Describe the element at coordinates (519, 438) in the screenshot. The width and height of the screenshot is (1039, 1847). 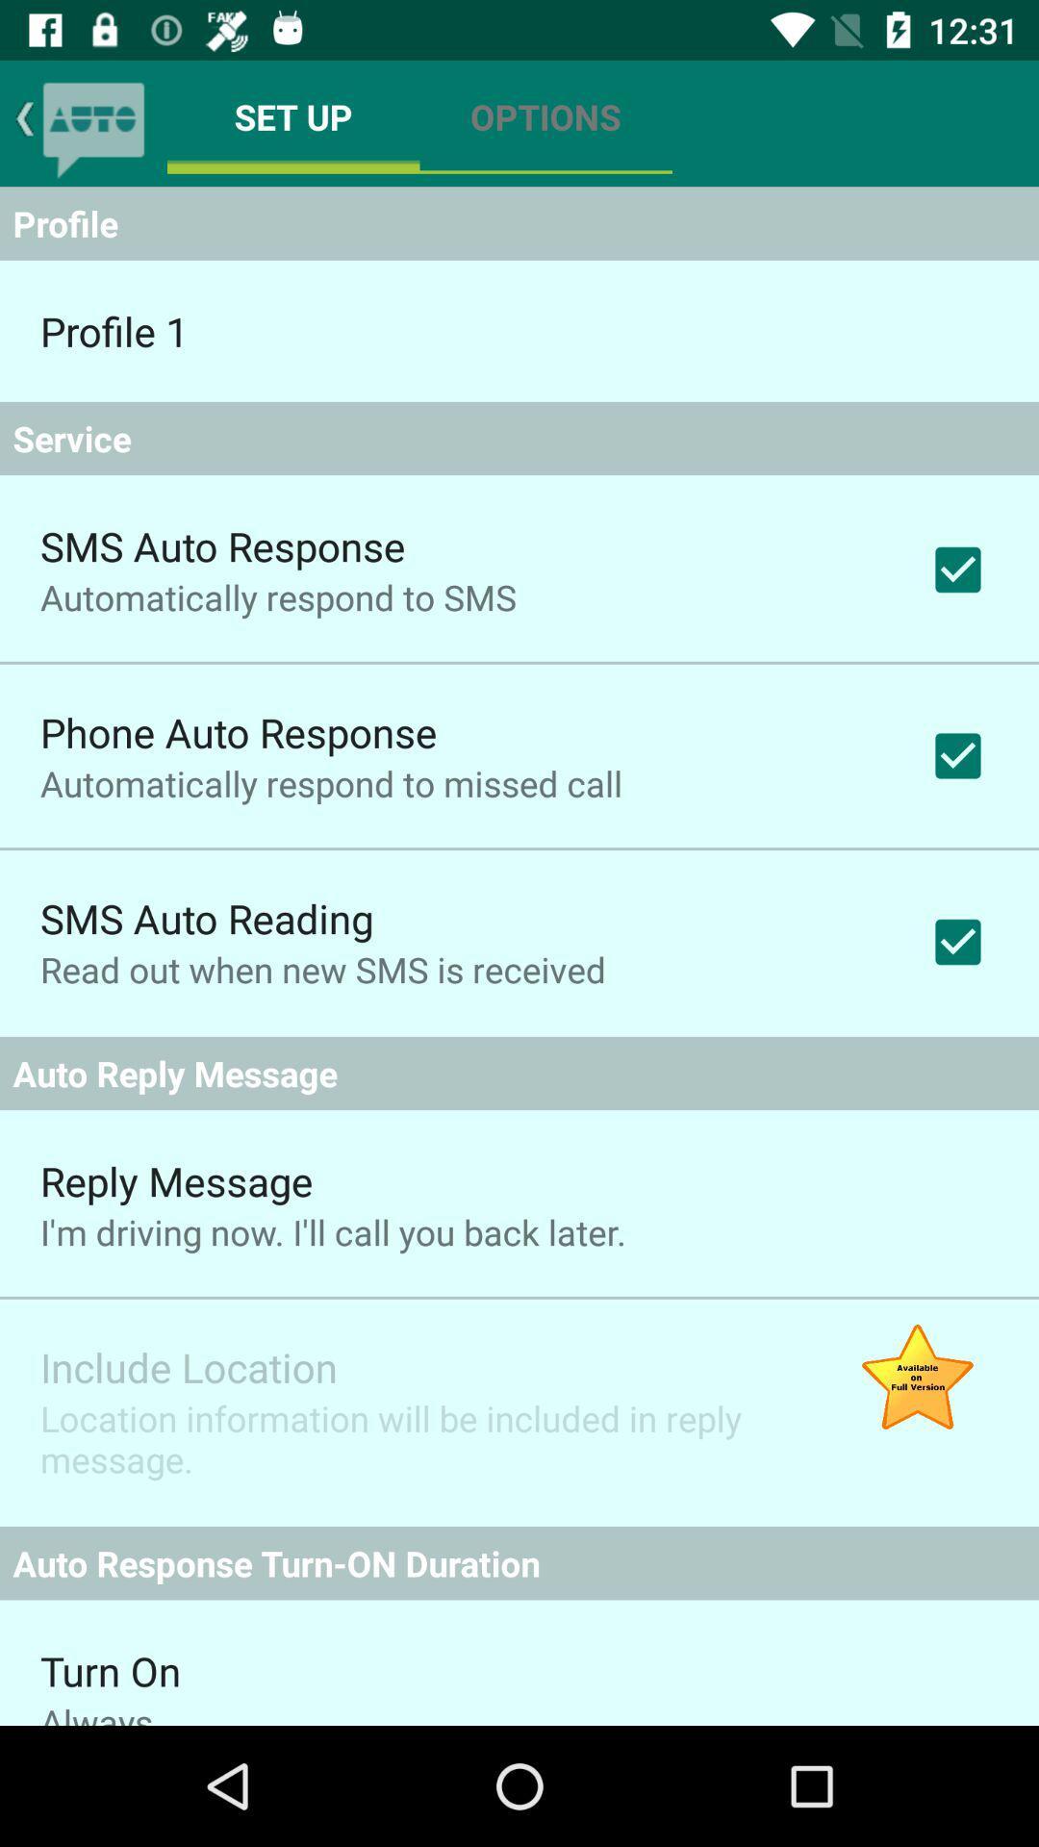
I see `item below the profile 1` at that location.